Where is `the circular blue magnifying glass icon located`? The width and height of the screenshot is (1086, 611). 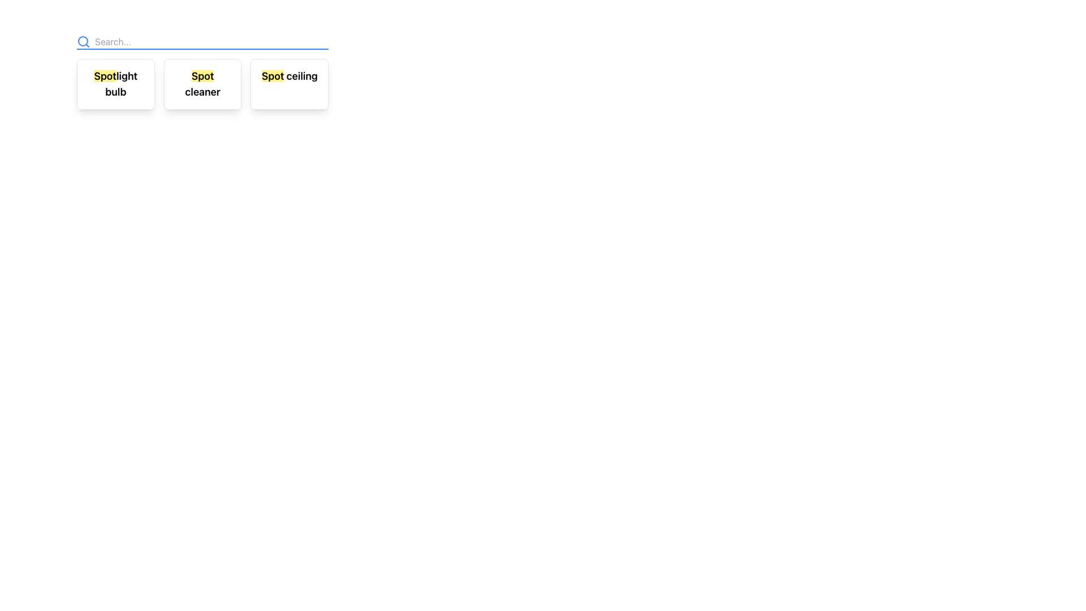 the circular blue magnifying glass icon located is located at coordinates (83, 41).